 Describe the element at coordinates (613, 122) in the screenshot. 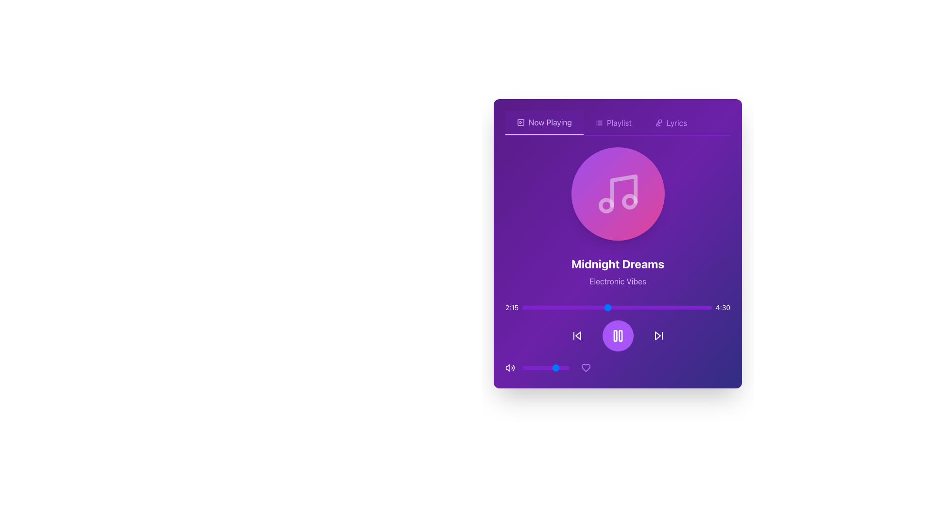

I see `the 'Playlist' navigation tab, which is a clickable text label in purple color with a list icon on its left, located in the upper section of the interface between 'Now Playing' and 'Lyrics'` at that location.